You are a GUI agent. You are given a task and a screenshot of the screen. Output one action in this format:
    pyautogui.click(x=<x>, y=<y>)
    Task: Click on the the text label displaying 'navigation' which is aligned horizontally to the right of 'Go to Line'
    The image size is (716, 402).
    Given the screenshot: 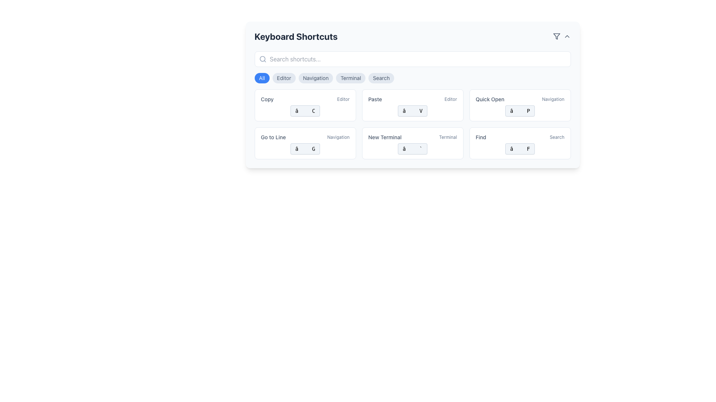 What is the action you would take?
    pyautogui.click(x=338, y=137)
    